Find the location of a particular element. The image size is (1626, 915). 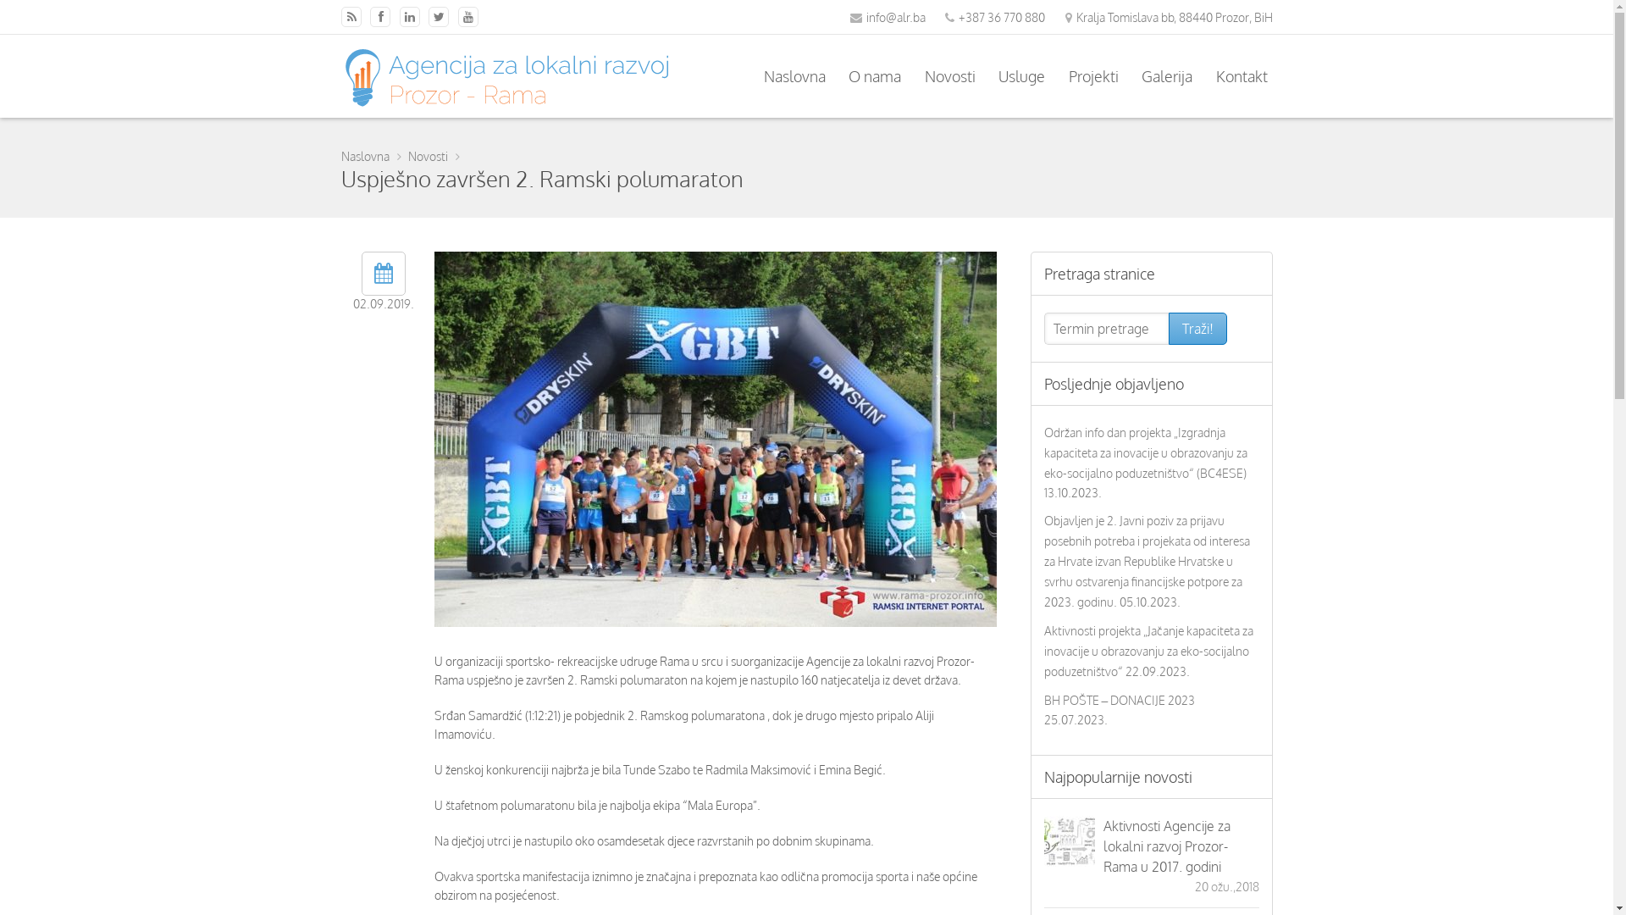

'info@alr.ba' is located at coordinates (893, 17).